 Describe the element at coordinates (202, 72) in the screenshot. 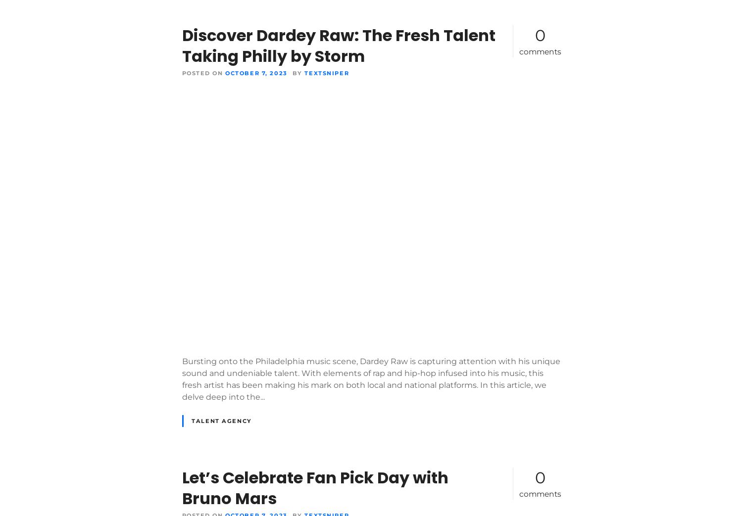

I see `'Posted on'` at that location.